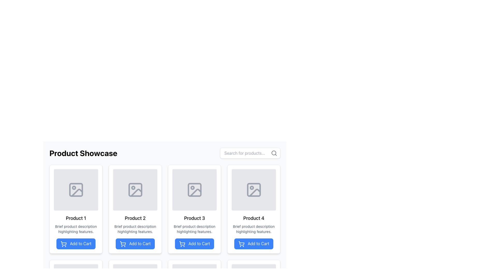  I want to click on the Text label displaying the product name for the third product in the grid, located below the product image and above the 'Add to Cart' button, so click(194, 218).